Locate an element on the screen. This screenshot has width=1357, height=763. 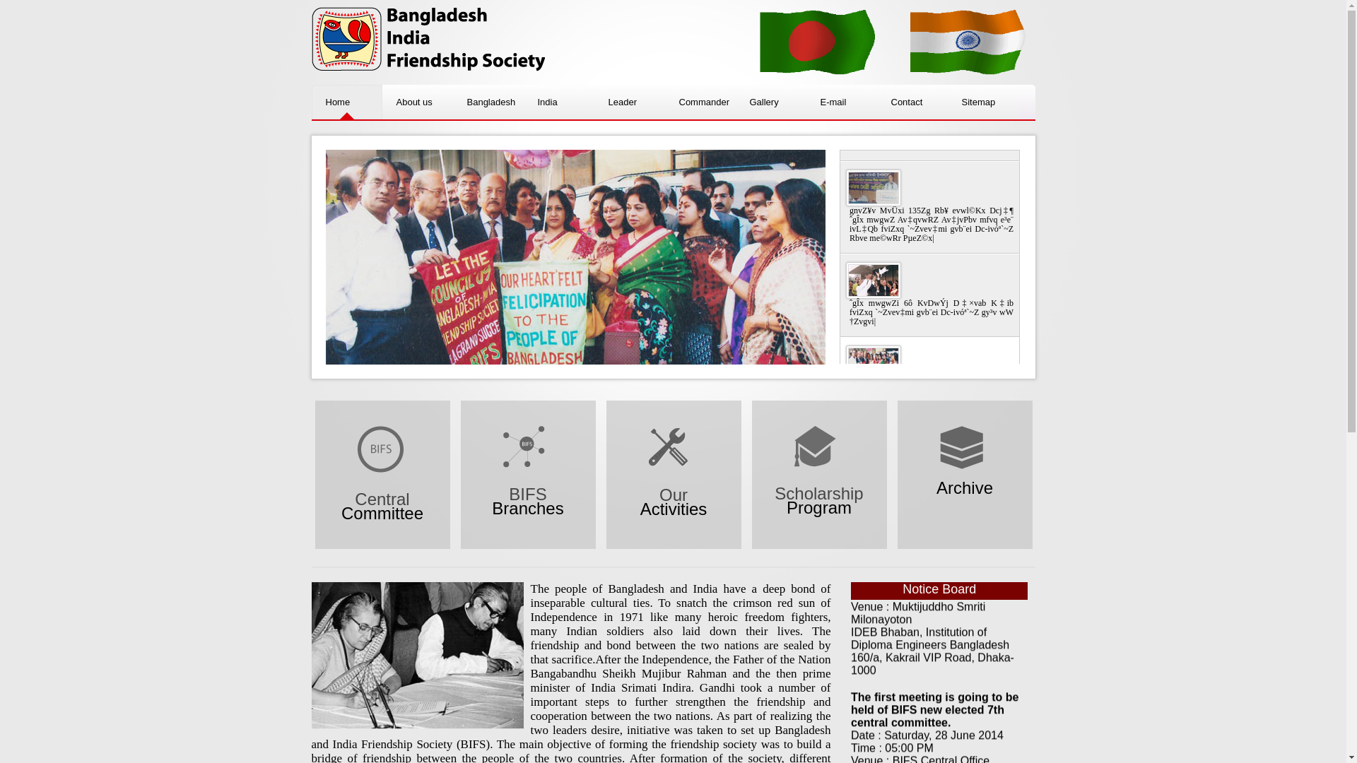
'E-mail' is located at coordinates (841, 101).